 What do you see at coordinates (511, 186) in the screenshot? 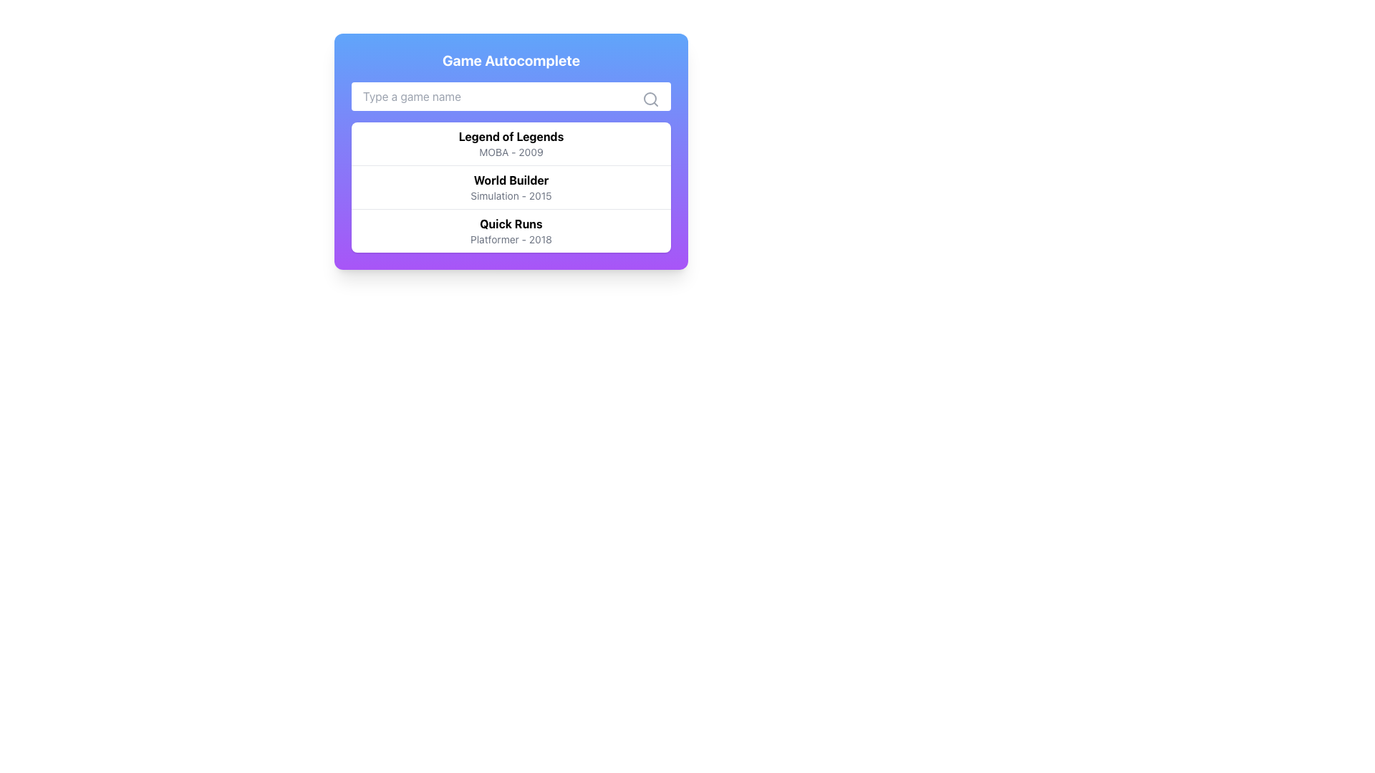
I see `the list entry that reads 'World Builder' in bold text, which is part of a dropdown menu containing multiple selectable items` at bounding box center [511, 186].